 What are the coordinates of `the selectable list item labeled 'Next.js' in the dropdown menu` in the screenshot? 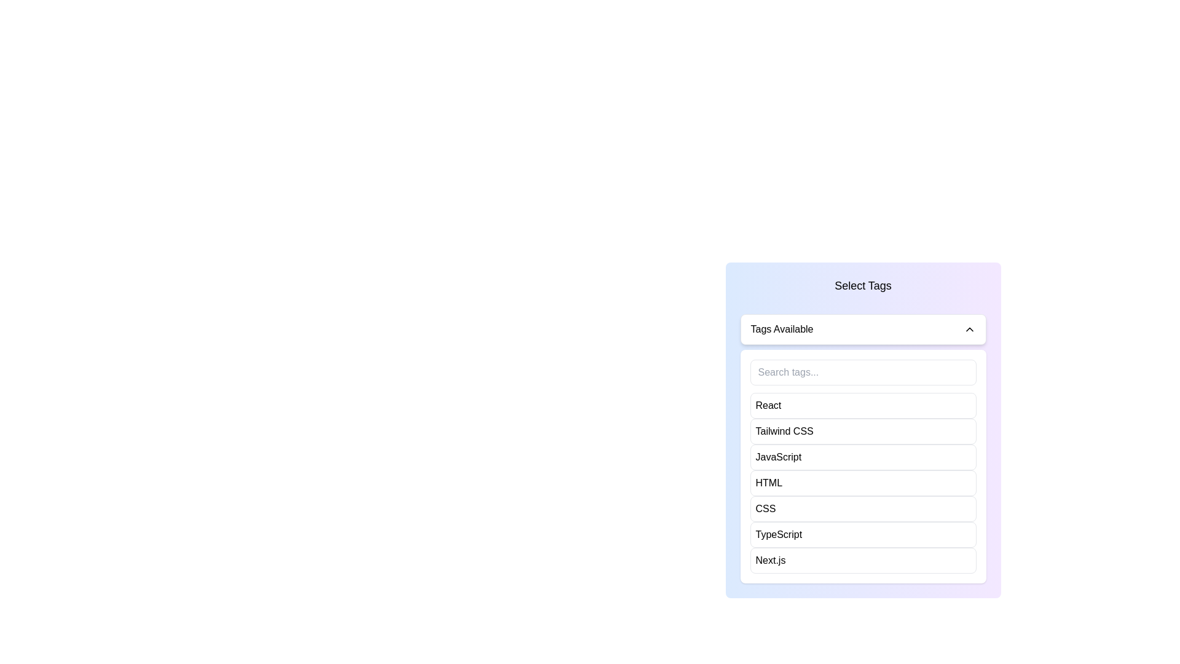 It's located at (862, 560).